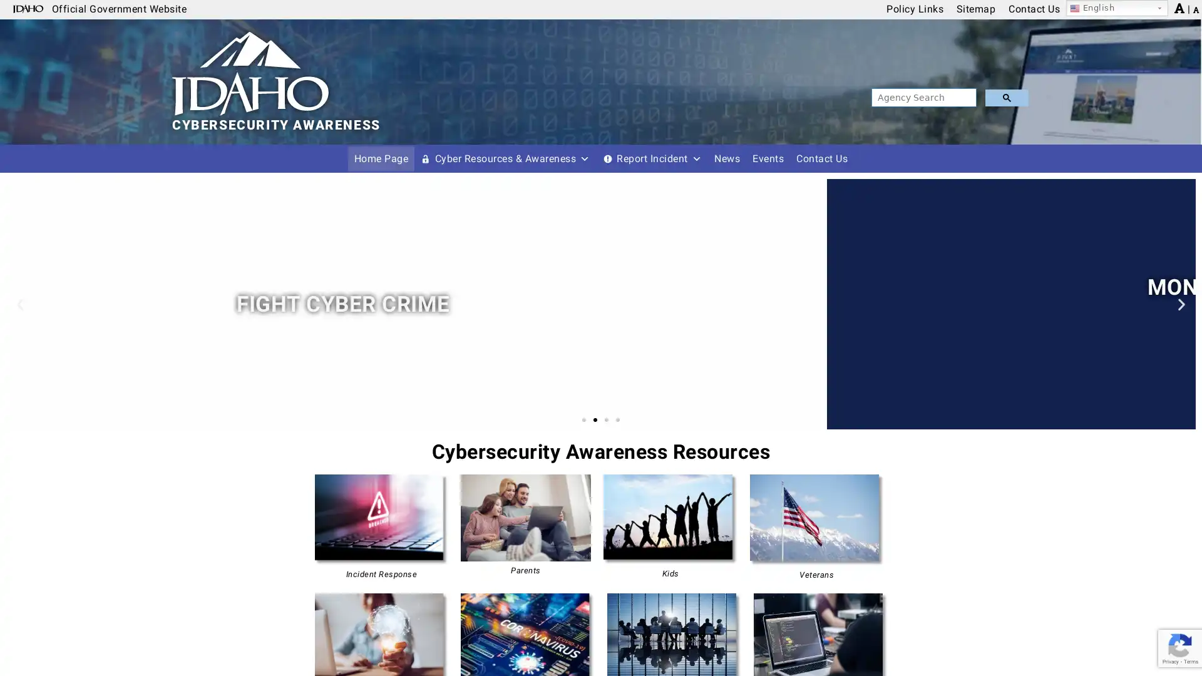  Describe the element at coordinates (1006, 97) in the screenshot. I see `search` at that location.